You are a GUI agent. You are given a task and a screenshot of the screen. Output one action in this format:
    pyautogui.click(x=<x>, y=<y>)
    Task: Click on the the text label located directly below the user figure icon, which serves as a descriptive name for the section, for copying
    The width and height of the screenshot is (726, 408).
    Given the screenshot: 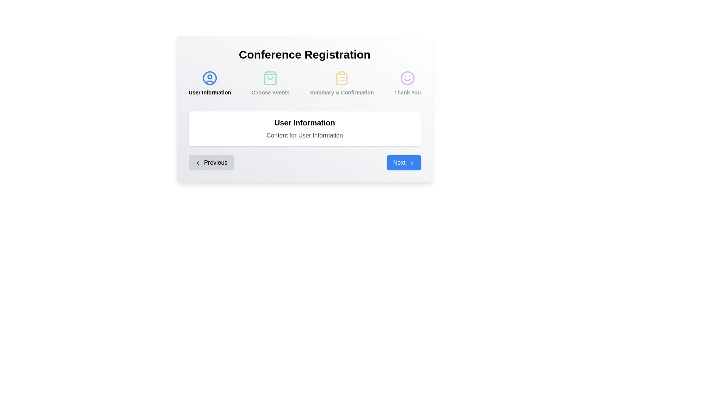 What is the action you would take?
    pyautogui.click(x=210, y=92)
    